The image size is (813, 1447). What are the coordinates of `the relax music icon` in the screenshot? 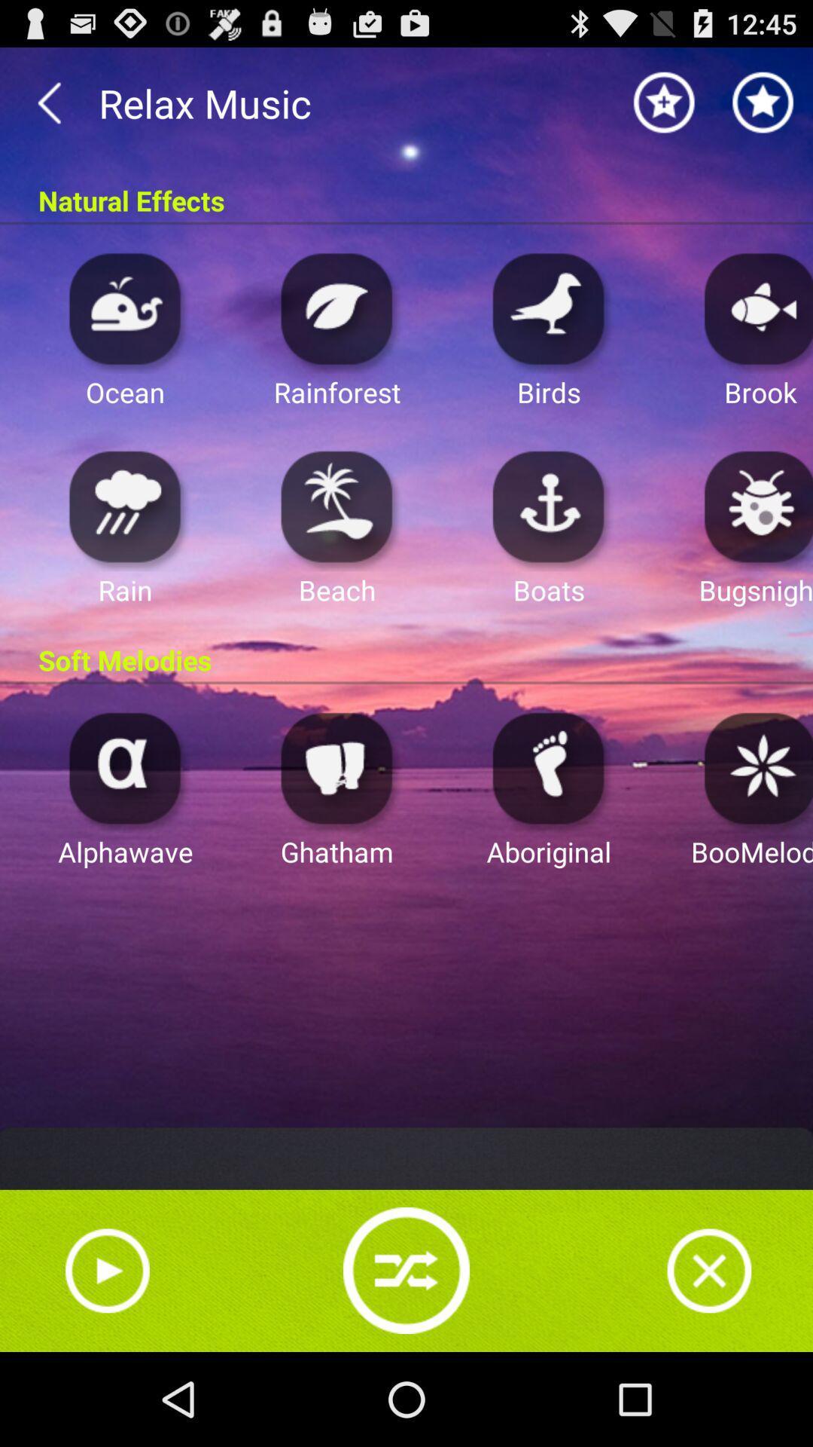 It's located at (406, 102).